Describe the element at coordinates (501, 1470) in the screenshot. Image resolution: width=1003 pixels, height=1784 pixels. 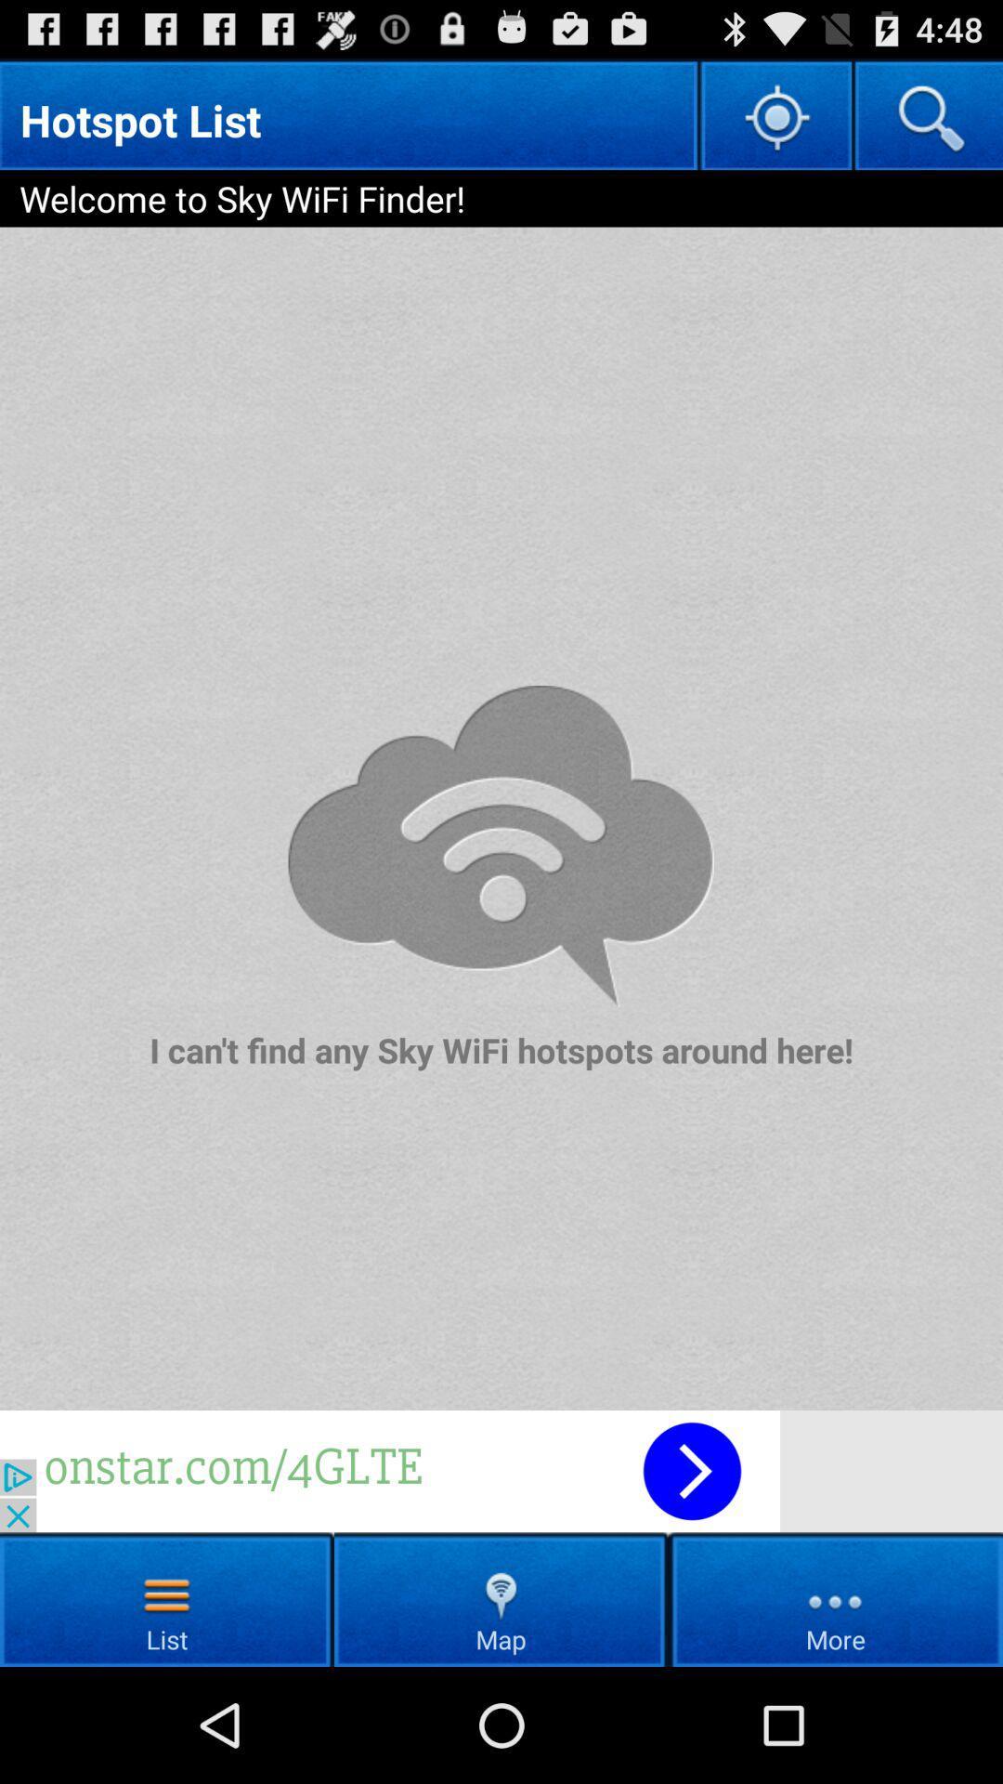
I see `open advertisement` at that location.